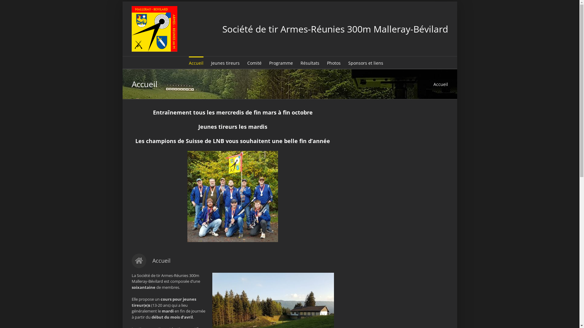  What do you see at coordinates (333, 62) in the screenshot?
I see `'Photos'` at bounding box center [333, 62].